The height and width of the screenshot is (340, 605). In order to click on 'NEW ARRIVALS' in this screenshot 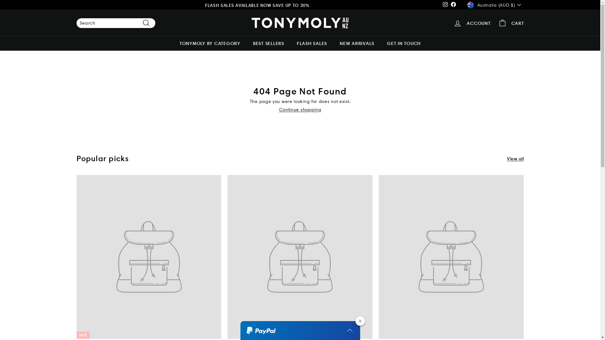, I will do `click(357, 43)`.